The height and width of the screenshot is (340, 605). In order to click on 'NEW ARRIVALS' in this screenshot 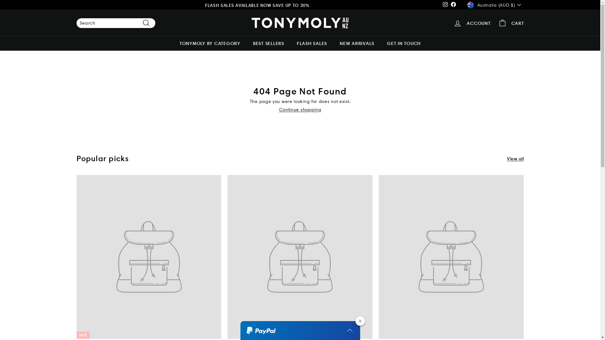, I will do `click(357, 43)`.